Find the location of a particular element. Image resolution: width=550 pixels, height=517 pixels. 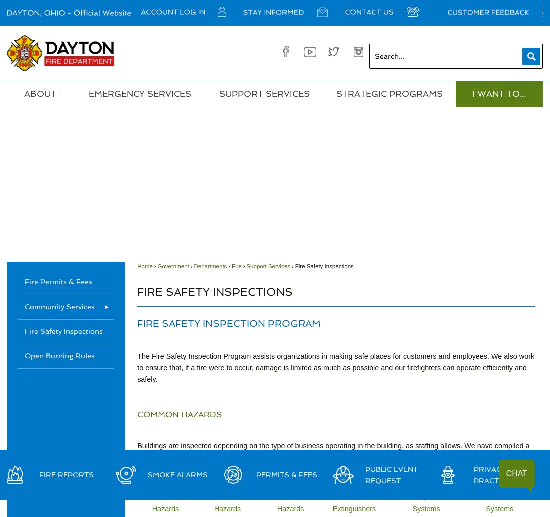

'Fire Permits & Fees' is located at coordinates (58, 281).